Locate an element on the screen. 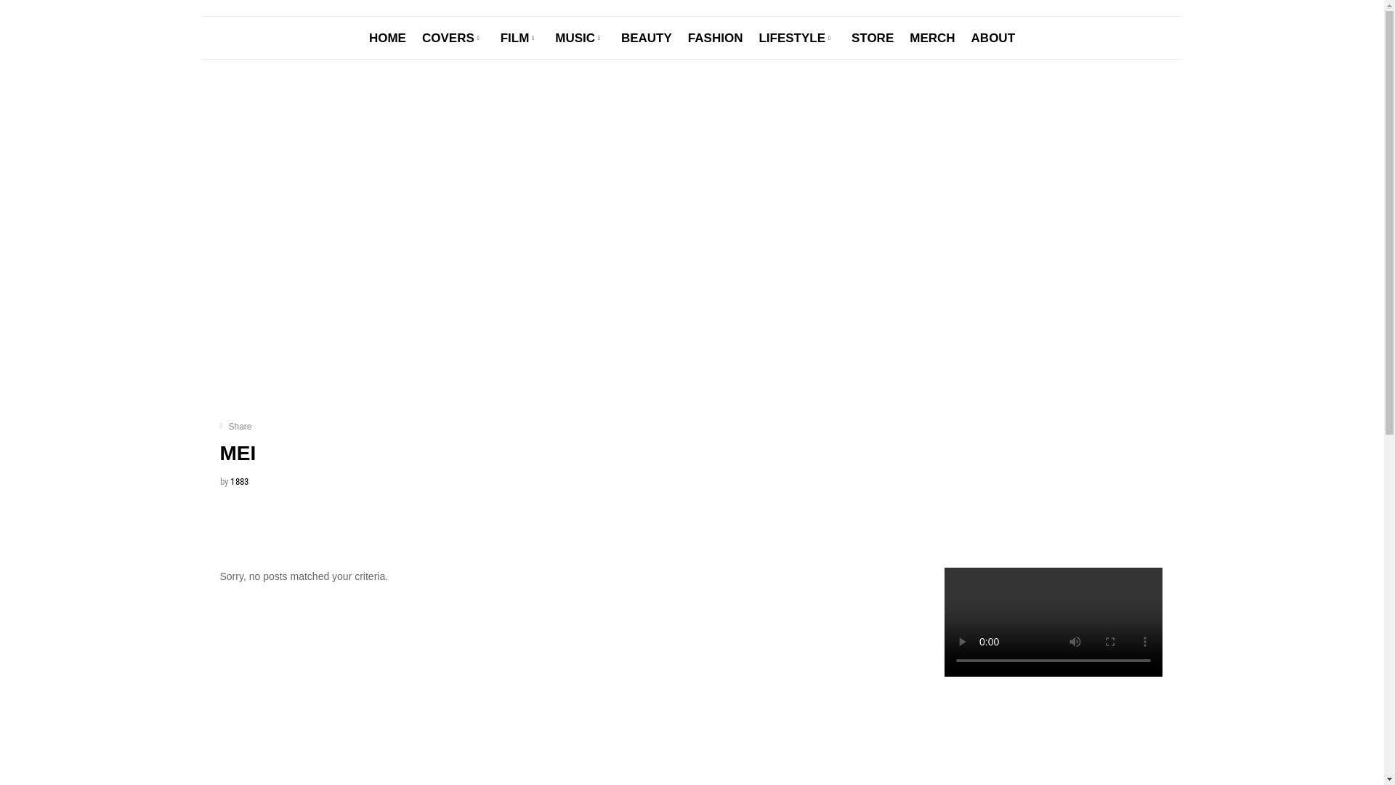 Image resolution: width=1395 pixels, height=785 pixels. 'HOME' is located at coordinates (387, 36).